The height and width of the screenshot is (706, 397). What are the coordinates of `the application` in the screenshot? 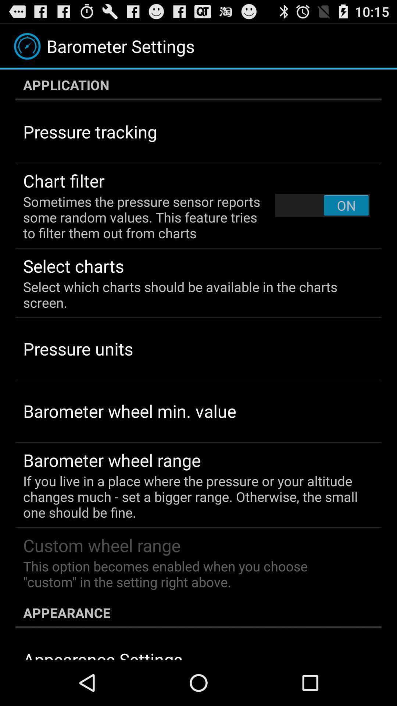 It's located at (198, 85).